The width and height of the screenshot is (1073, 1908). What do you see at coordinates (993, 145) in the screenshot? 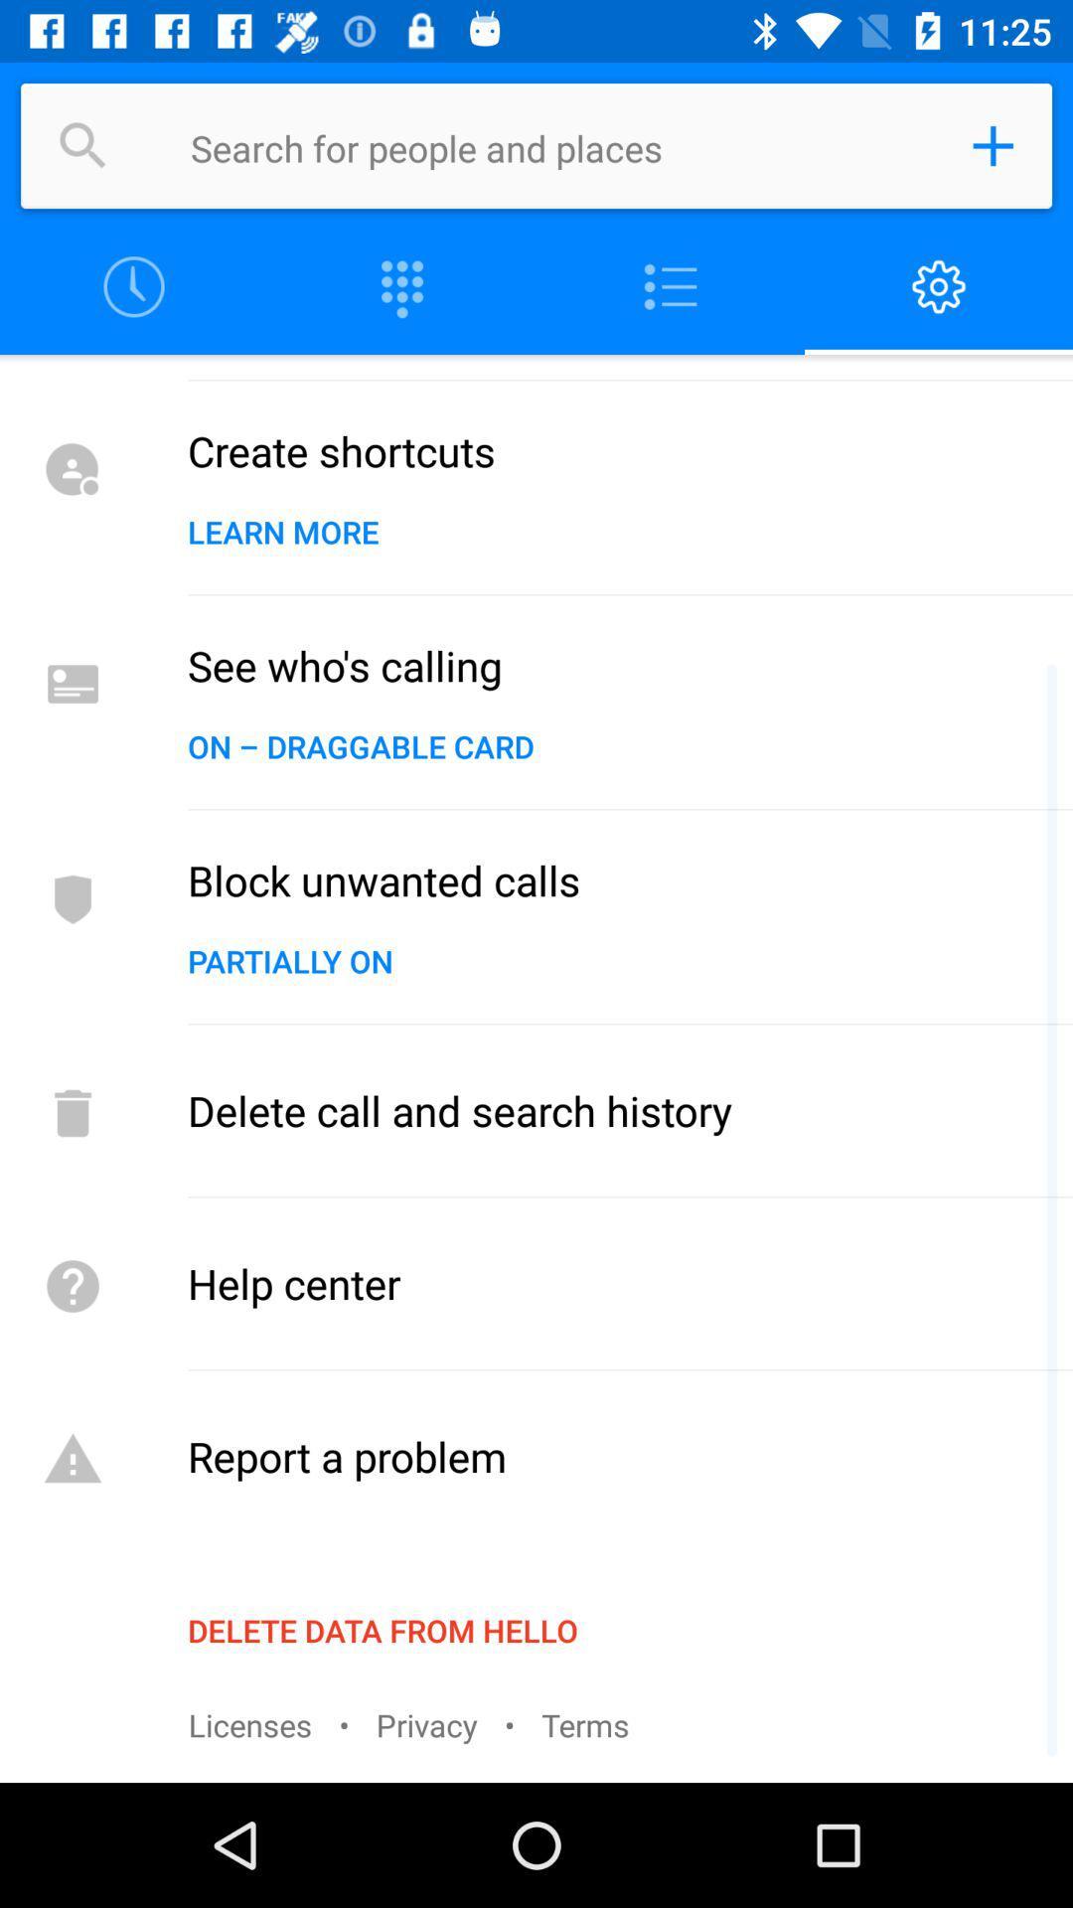
I see `the add icon` at bounding box center [993, 145].